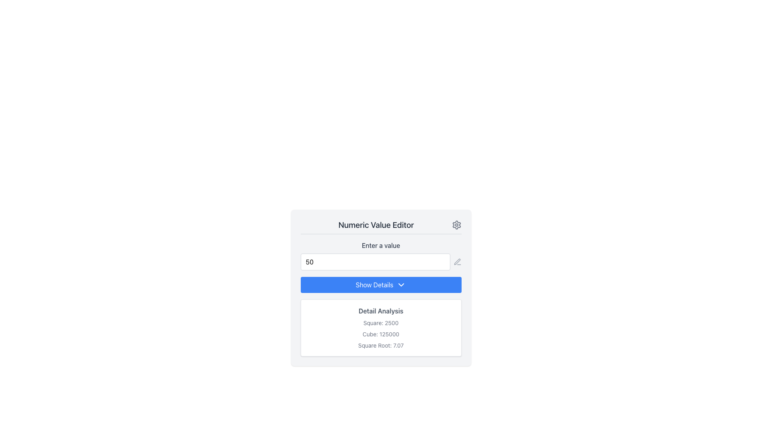  What do you see at coordinates (380, 334) in the screenshot?
I see `the text label that reads 'Cube: 125000', which is styled with a gray font and located in the 'Detail Analysis' section, positioned between 'Square: 2500' and 'Square Root: 7.07'` at bounding box center [380, 334].